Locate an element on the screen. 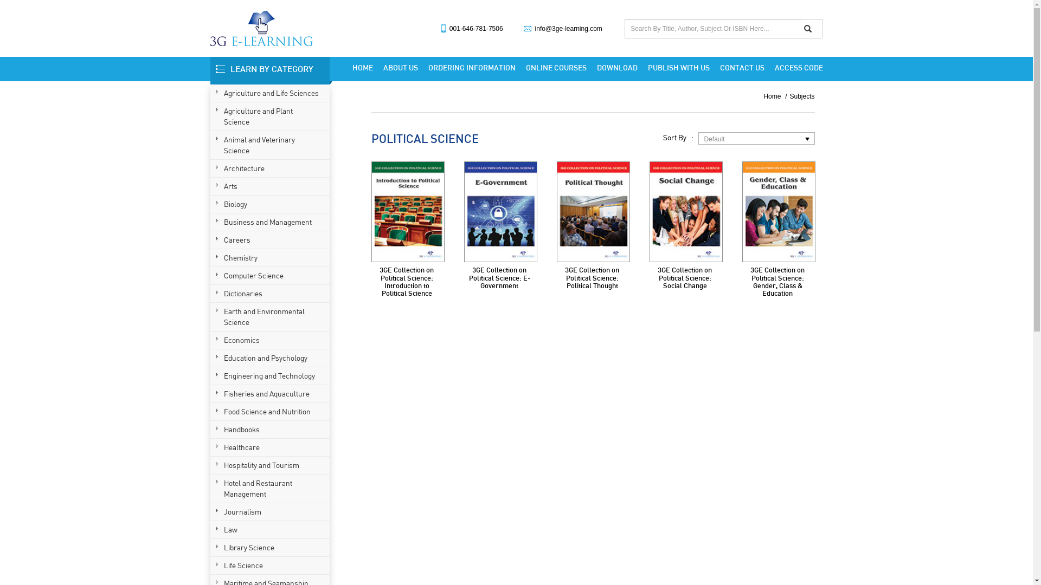 This screenshot has width=1041, height=585. 'Hospitality and Tourism' is located at coordinates (271, 465).